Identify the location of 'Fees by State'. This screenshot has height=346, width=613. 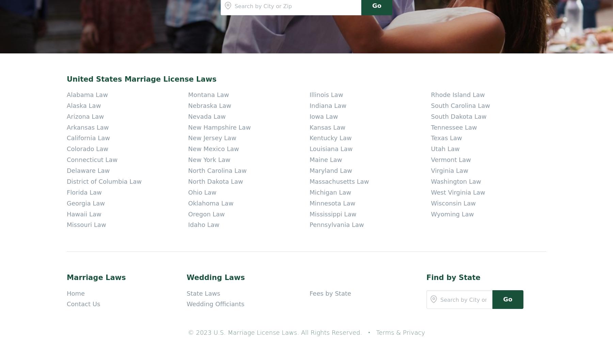
(330, 136).